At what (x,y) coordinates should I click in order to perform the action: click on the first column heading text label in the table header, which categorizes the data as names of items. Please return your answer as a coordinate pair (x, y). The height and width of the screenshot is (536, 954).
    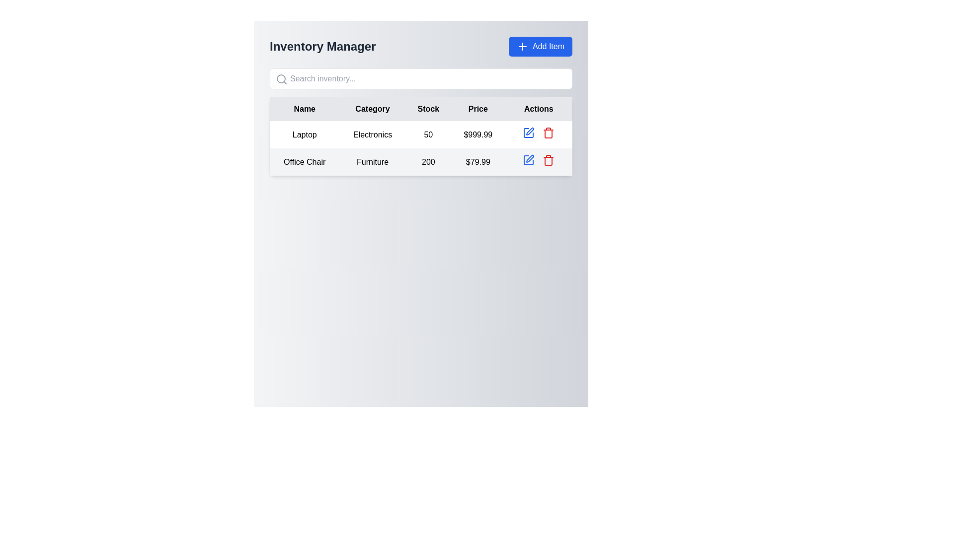
    Looking at the image, I should click on (304, 109).